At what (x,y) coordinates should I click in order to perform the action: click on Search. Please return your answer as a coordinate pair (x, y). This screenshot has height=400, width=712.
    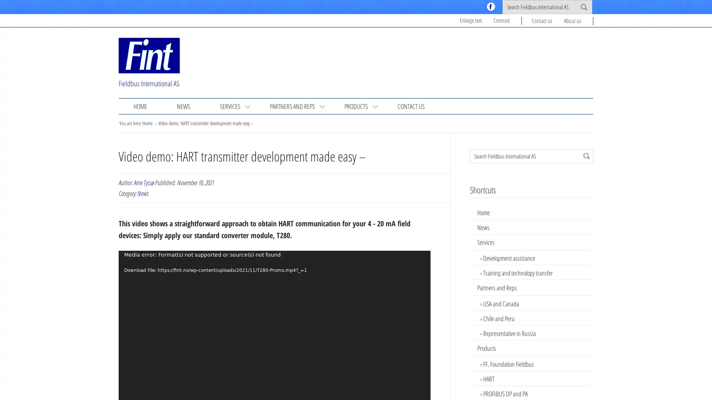
    Looking at the image, I should click on (583, 7).